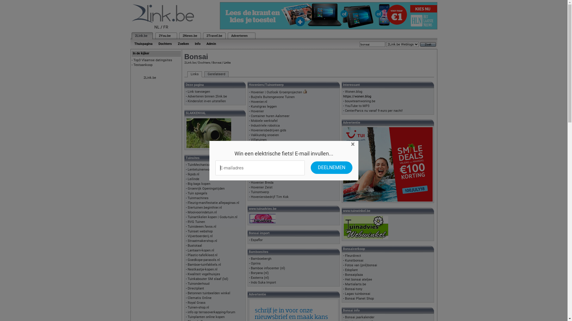  I want to click on 'Bonsai Planet Shop', so click(345, 298).